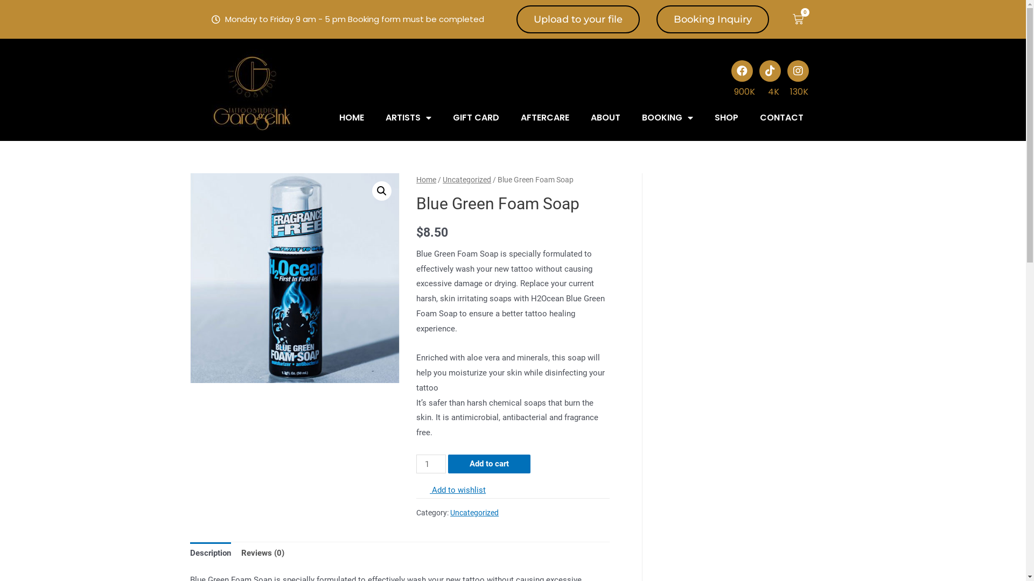 The height and width of the screenshot is (581, 1034). I want to click on 'Home', so click(425, 179).